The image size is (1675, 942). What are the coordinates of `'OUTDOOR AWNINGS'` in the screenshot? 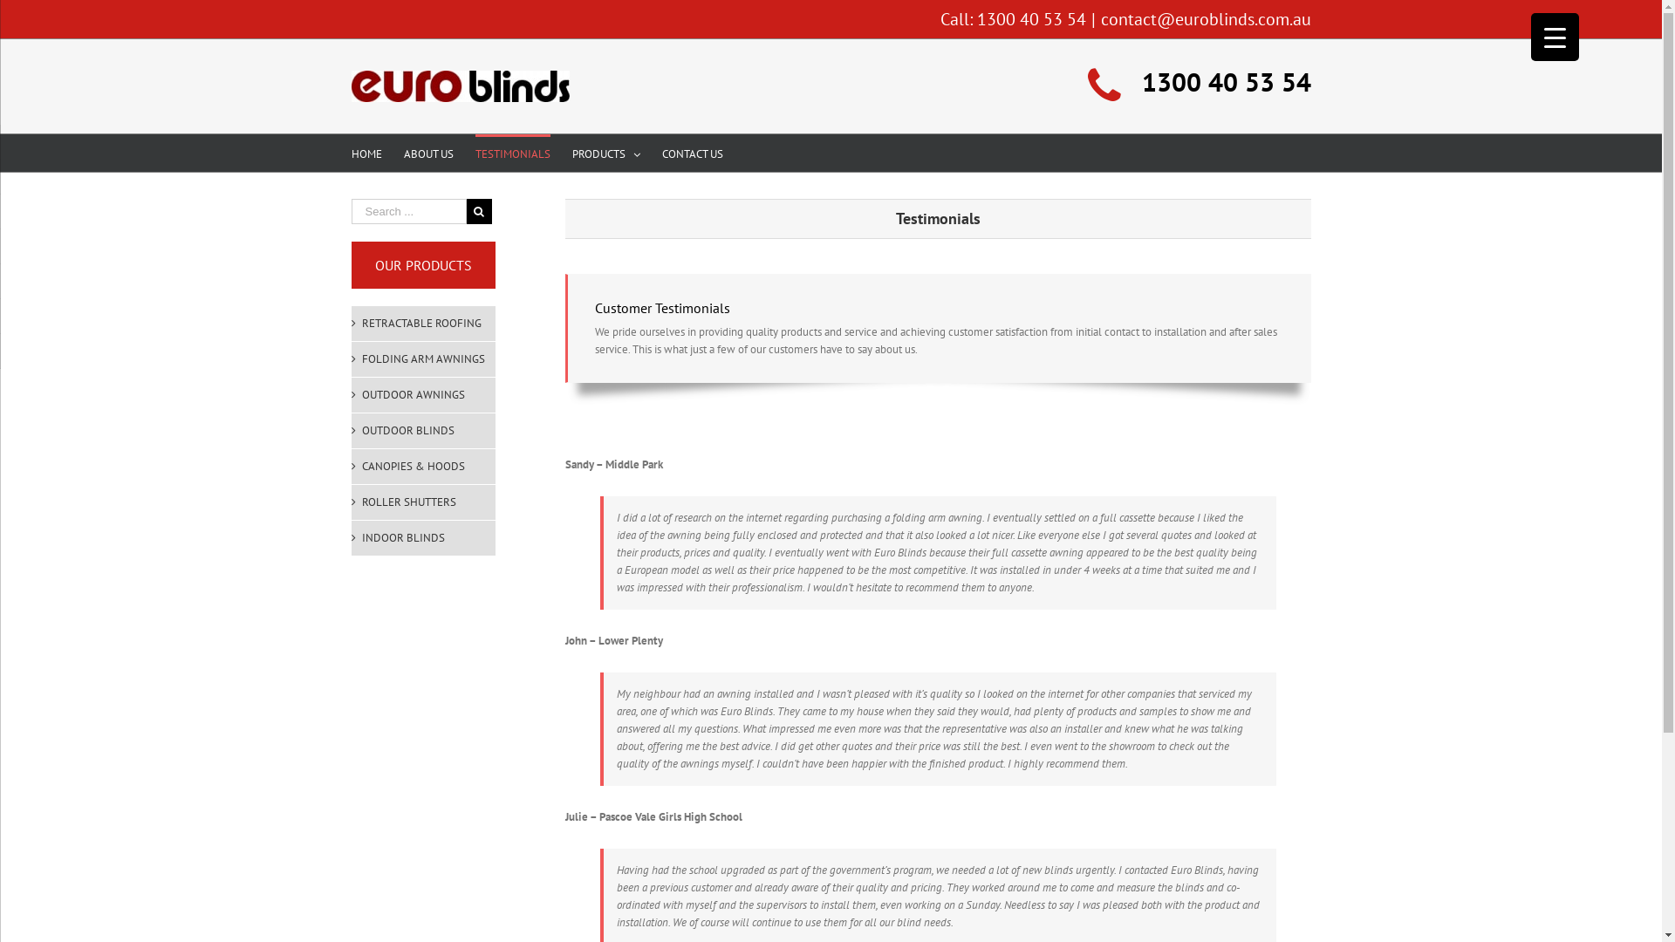 It's located at (423, 394).